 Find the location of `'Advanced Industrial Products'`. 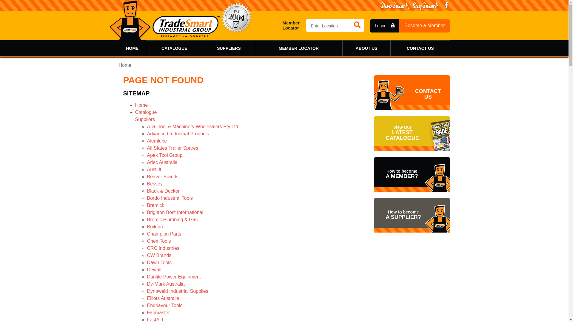

'Advanced Industrial Products' is located at coordinates (177, 133).